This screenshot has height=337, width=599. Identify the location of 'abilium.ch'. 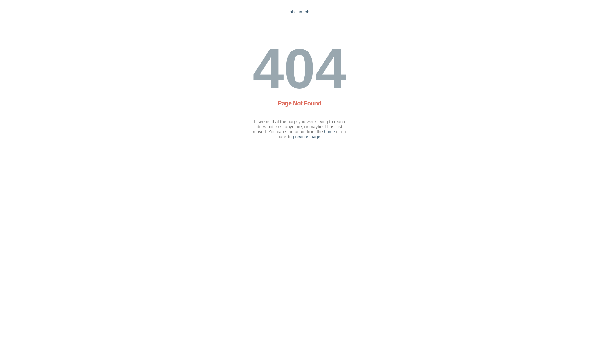
(299, 12).